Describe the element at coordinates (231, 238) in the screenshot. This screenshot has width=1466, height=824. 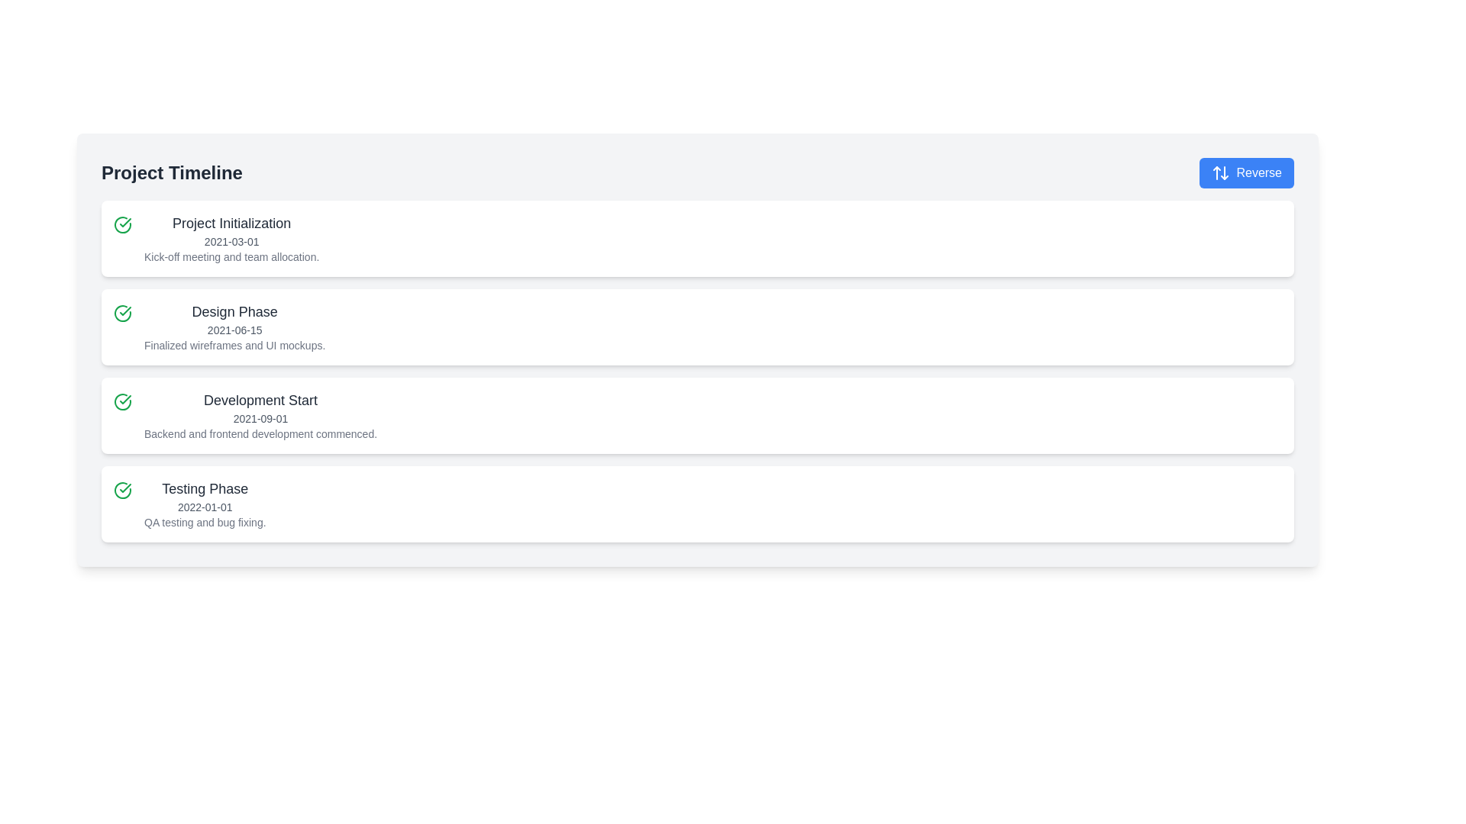
I see `text information from the Text display block titled 'Project Initialization', which includes the date '2021-03-01' and the description 'Kick-off meeting and team allocation.'` at that location.